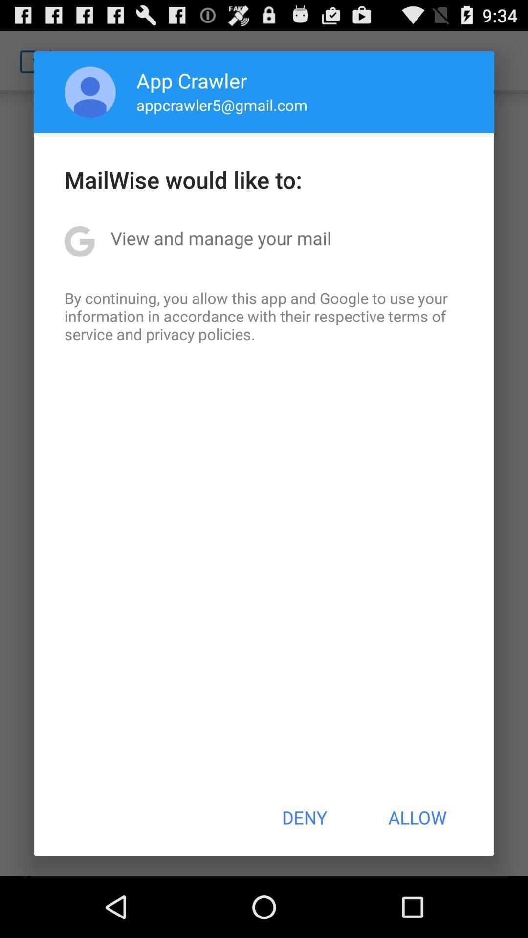 The height and width of the screenshot is (938, 528). What do you see at coordinates (222, 105) in the screenshot?
I see `appcrawler5@gmail.com` at bounding box center [222, 105].